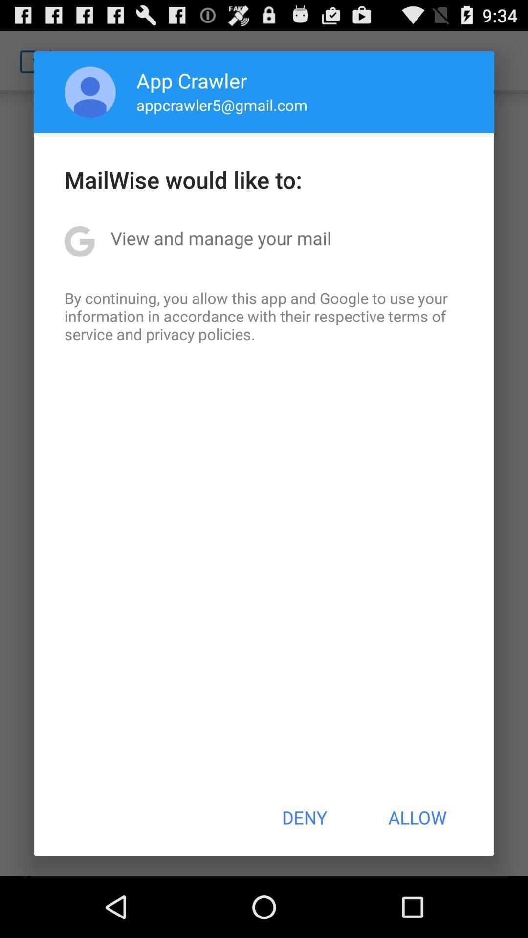 The height and width of the screenshot is (938, 528). What do you see at coordinates (222, 105) in the screenshot?
I see `appcrawler5@gmail.com` at bounding box center [222, 105].